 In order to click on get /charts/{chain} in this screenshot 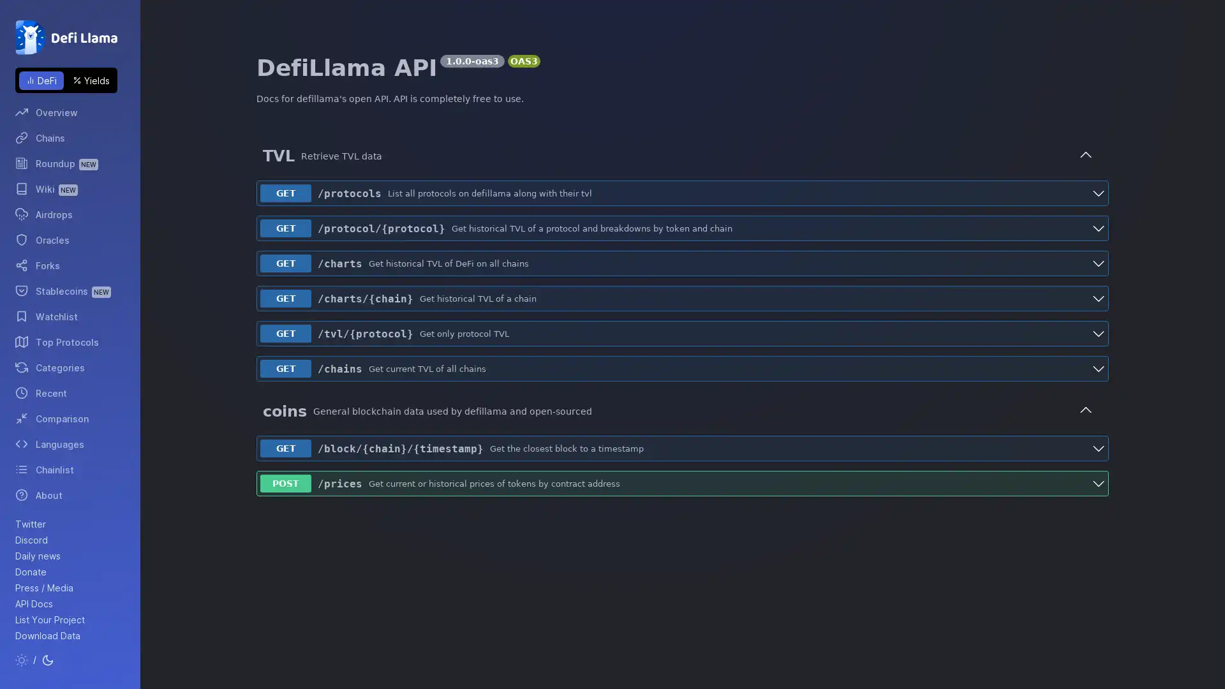, I will do `click(682, 298)`.